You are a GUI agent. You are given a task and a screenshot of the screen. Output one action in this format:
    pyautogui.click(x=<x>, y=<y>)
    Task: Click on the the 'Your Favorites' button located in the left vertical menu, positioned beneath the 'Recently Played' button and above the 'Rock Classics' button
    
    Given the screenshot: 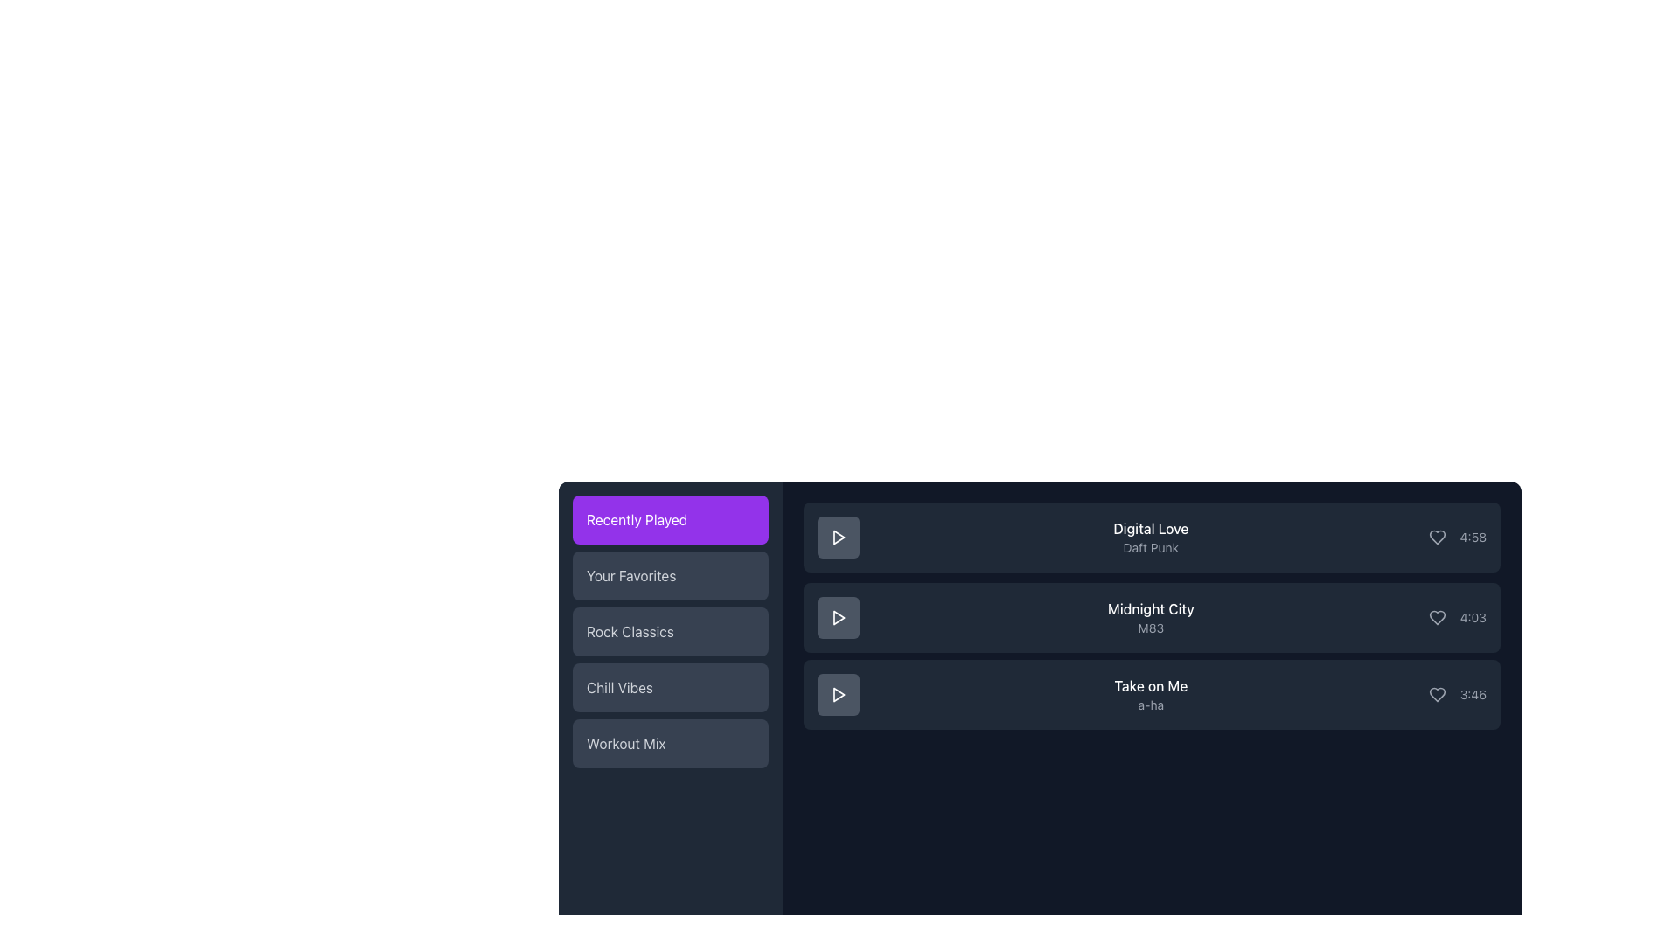 What is the action you would take?
    pyautogui.click(x=670, y=576)
    